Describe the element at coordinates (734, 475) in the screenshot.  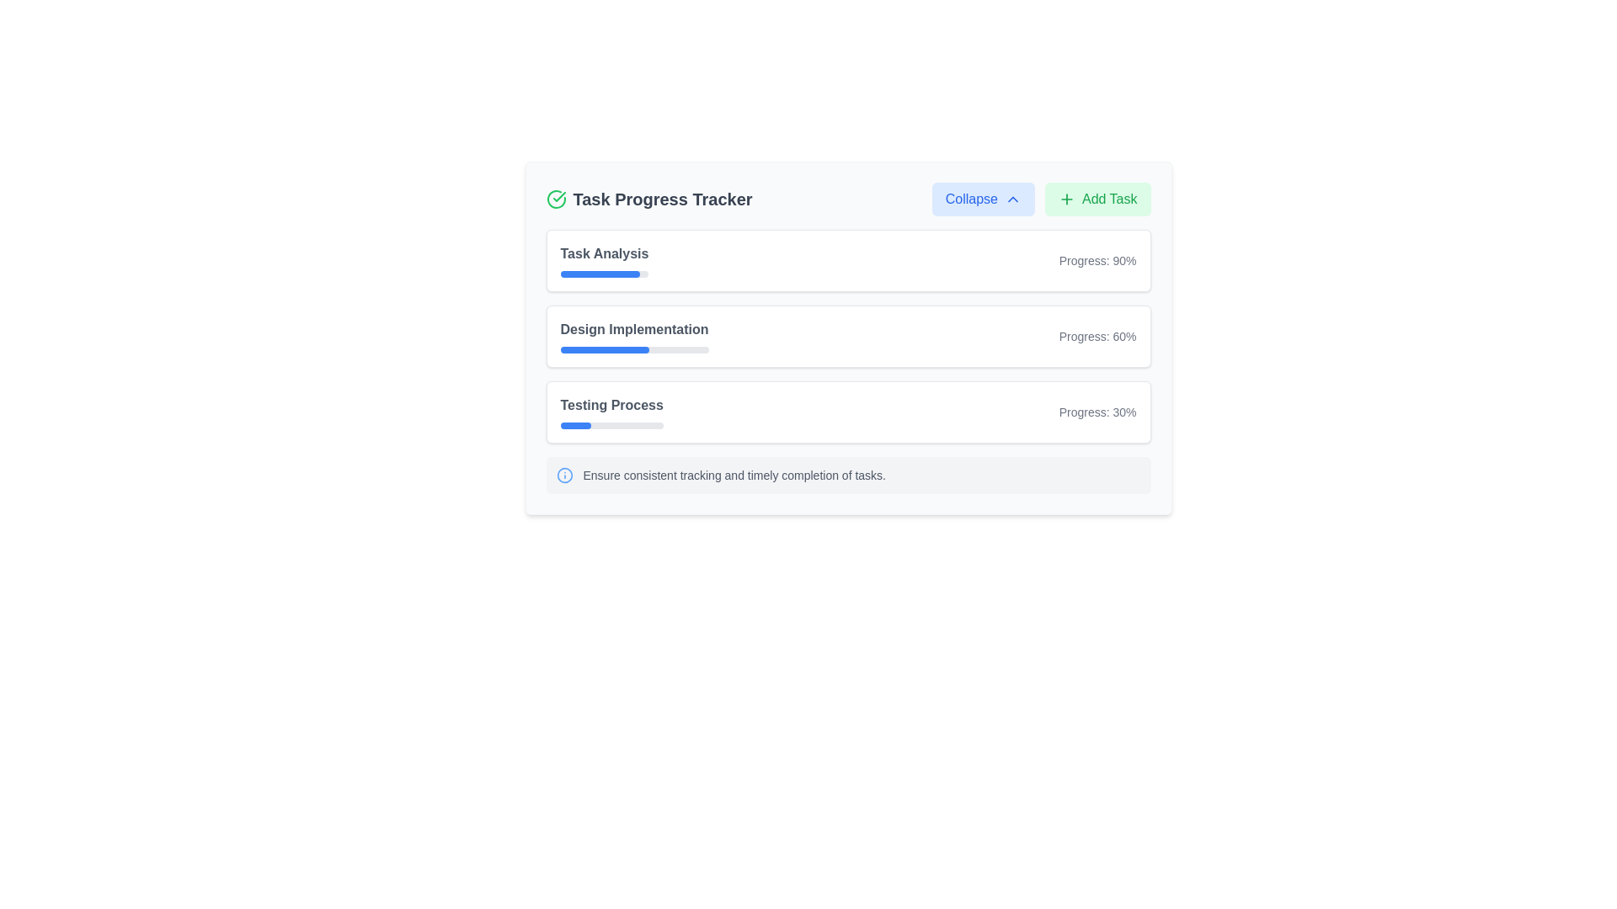
I see `the instructional text label that reads 'Ensure consistent tracking and timely completion of tasks.'` at that location.